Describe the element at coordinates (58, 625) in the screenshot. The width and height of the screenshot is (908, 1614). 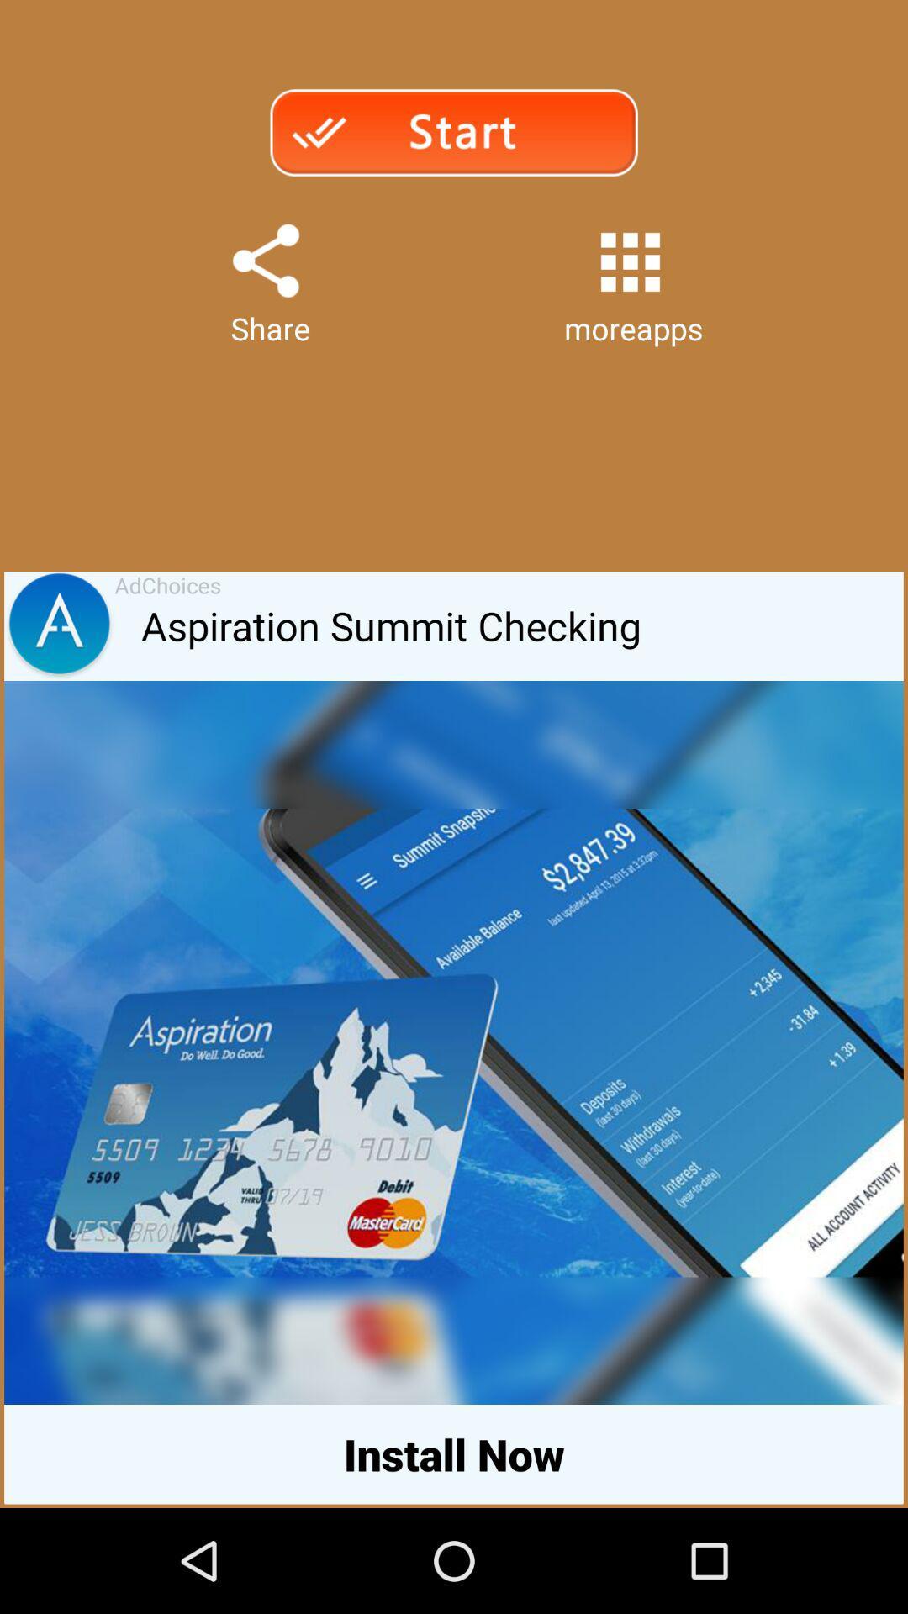
I see `the app to the left of adchoices` at that location.